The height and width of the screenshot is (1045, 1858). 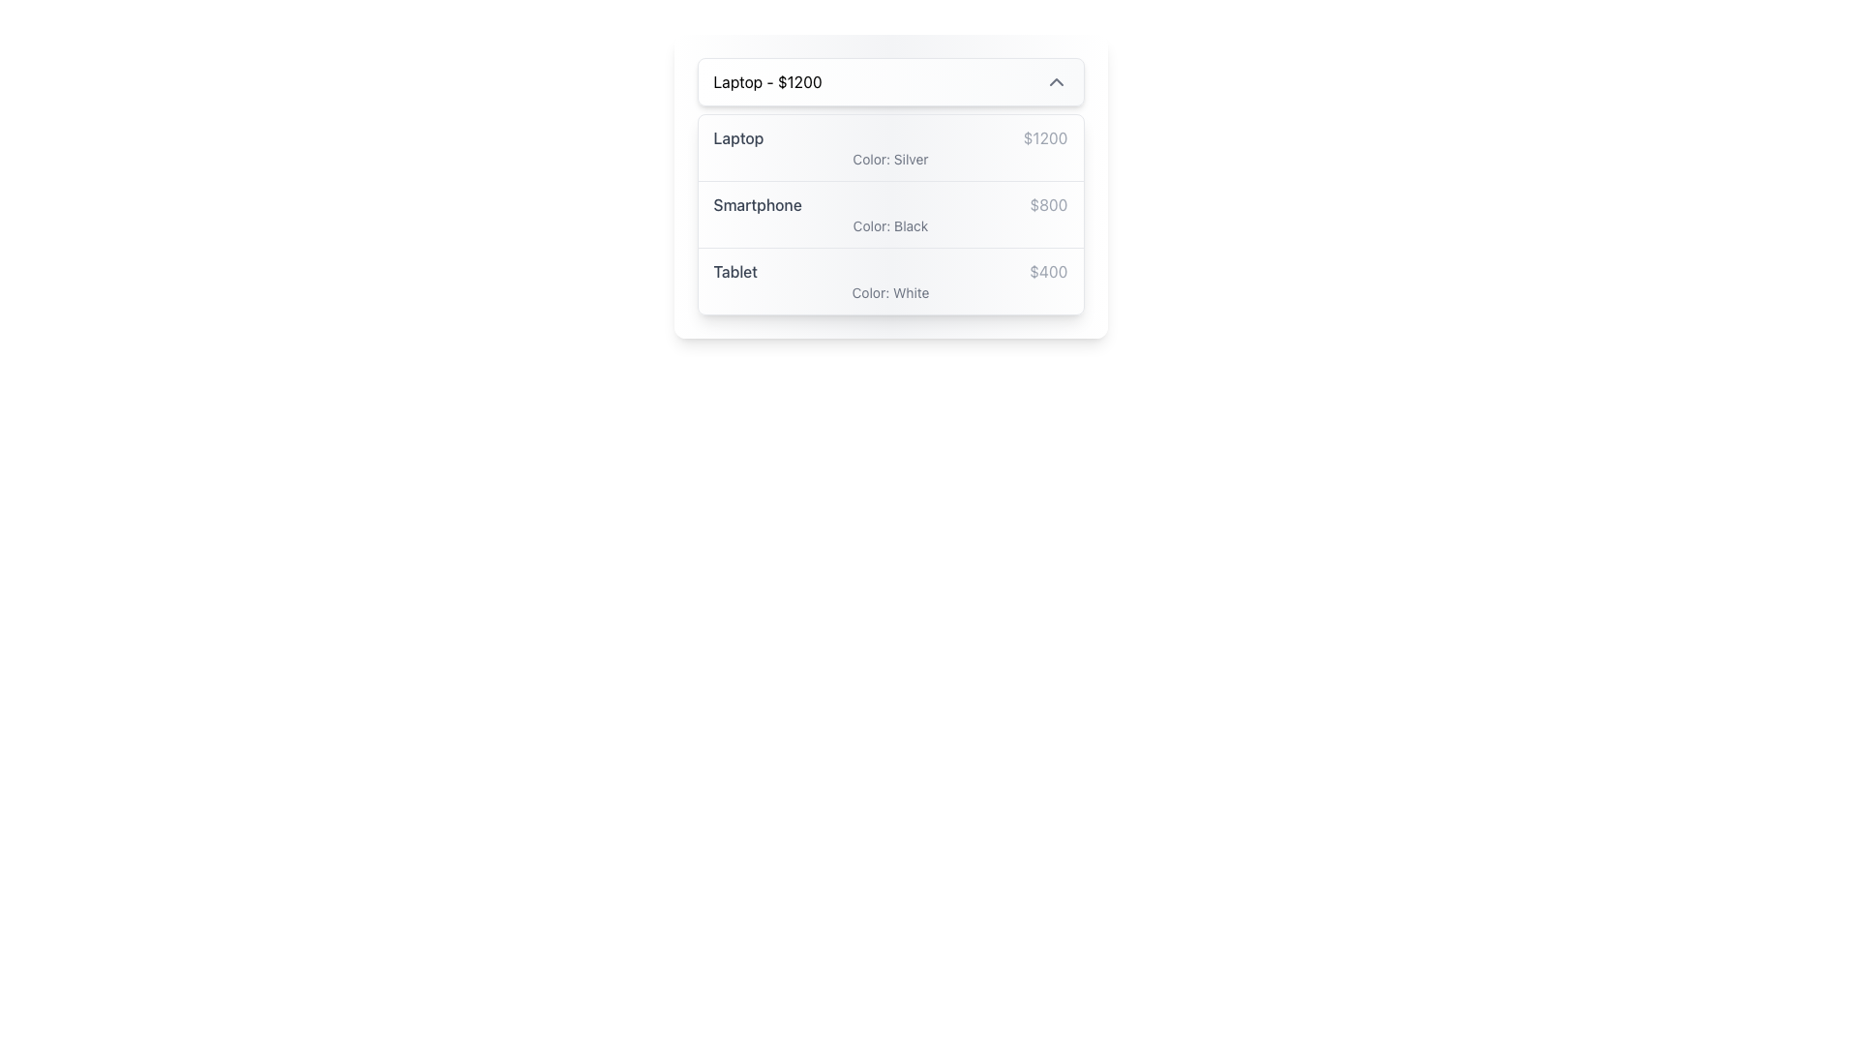 I want to click on the monetary value label associated with the 'Laptop' item, which is positioned to the far right of 'Laptop' in the first row of the list, so click(x=1044, y=136).